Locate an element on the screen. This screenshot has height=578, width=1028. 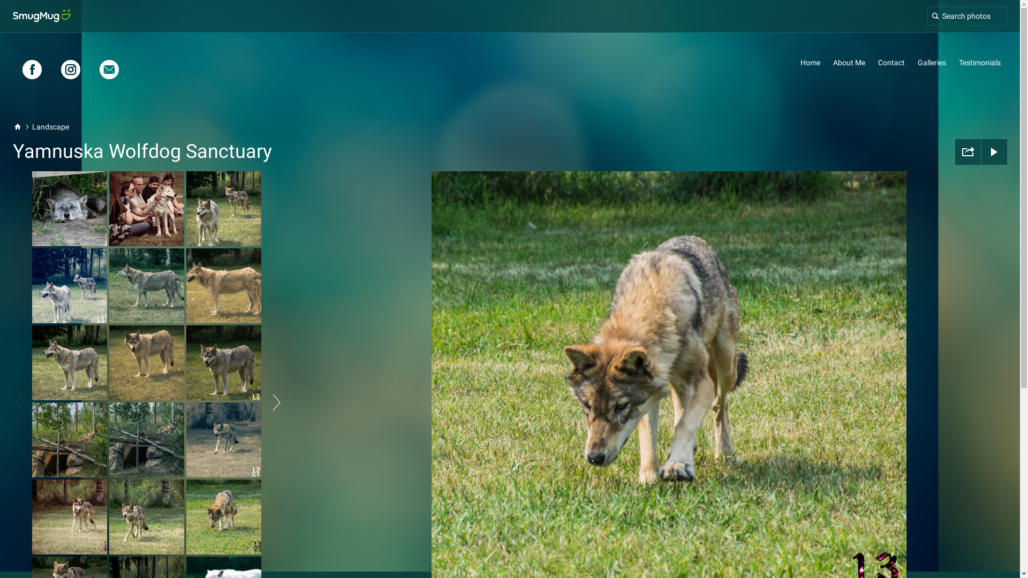
'Testimonials' is located at coordinates (958, 62).